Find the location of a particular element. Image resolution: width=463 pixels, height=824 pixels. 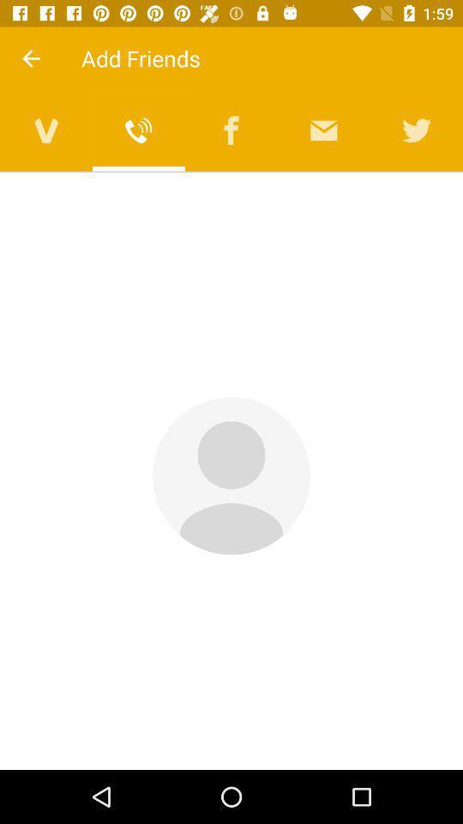

start video chat is located at coordinates (46, 130).